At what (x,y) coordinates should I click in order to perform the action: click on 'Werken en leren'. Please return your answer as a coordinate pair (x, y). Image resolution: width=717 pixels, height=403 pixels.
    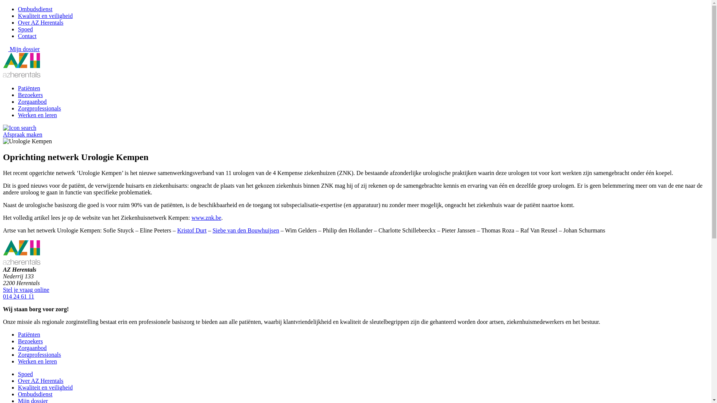
    Looking at the image, I should click on (37, 115).